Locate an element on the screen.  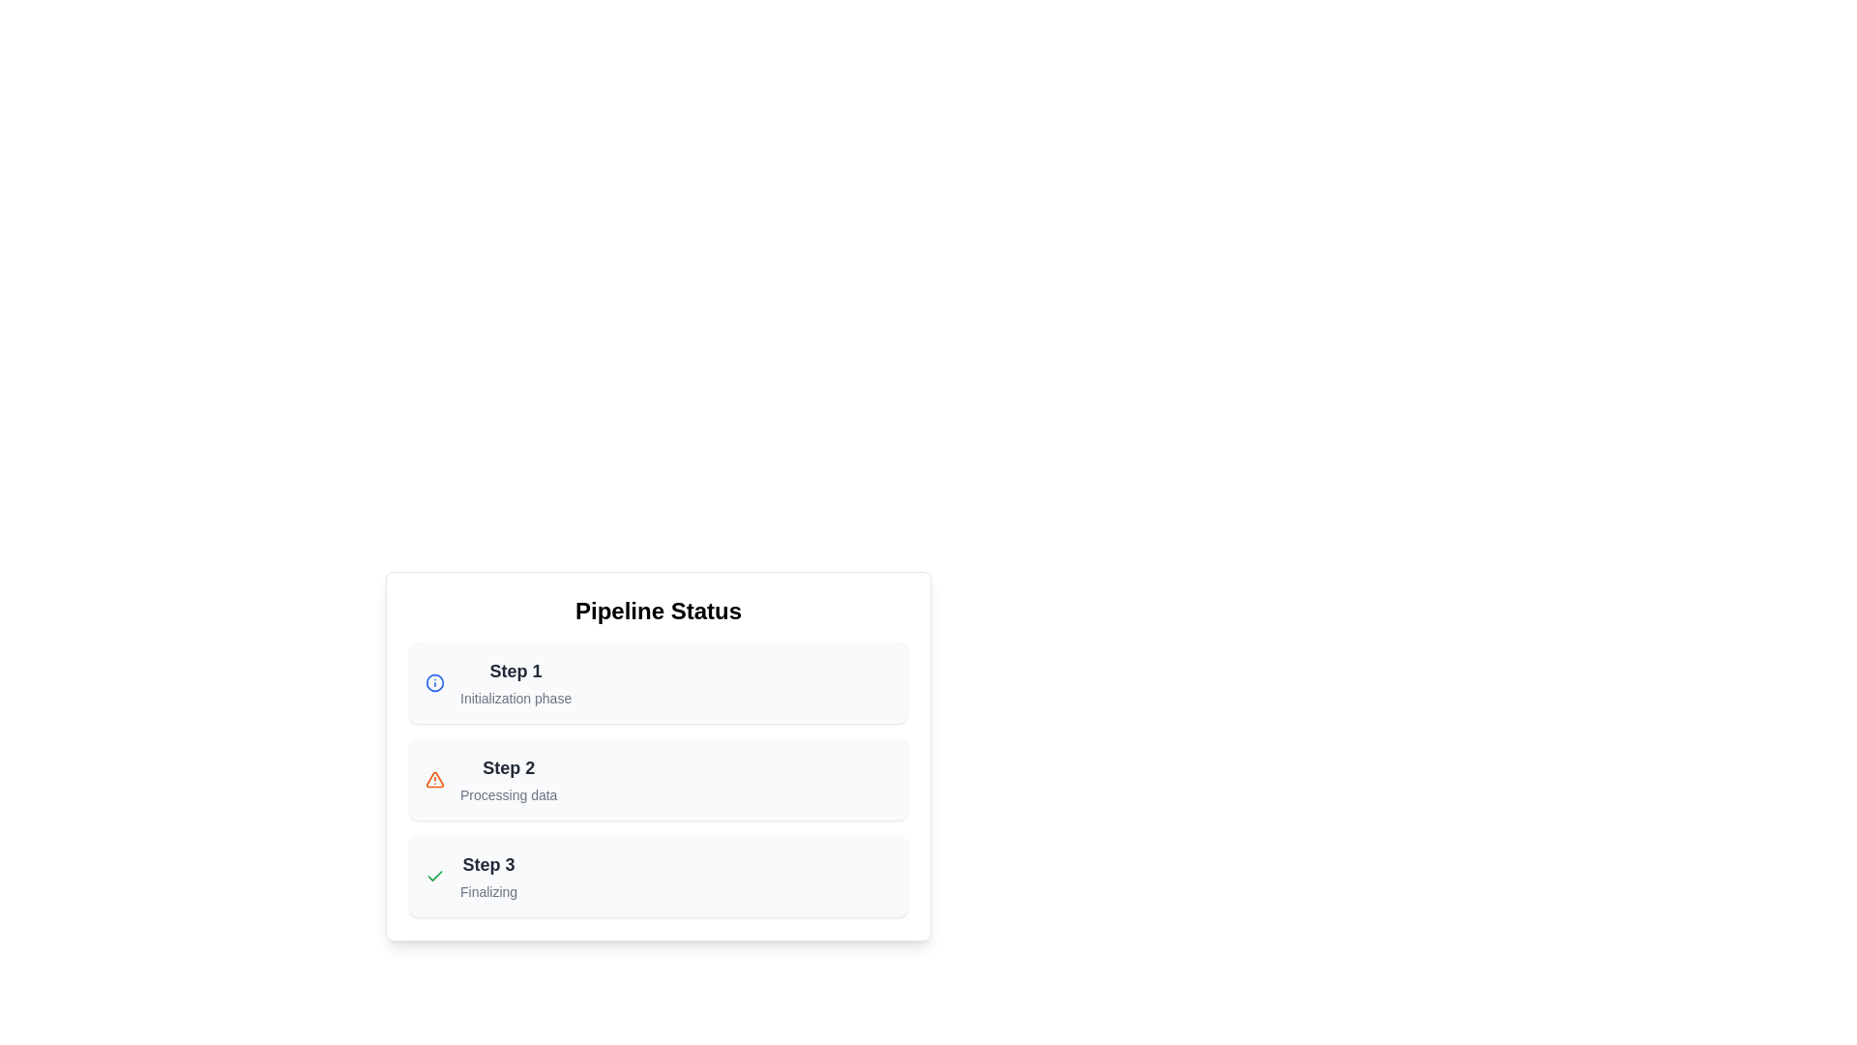
the green checkmark icon located within the white card that contains the text 'Step 3 Finalizing' is located at coordinates (434, 877).